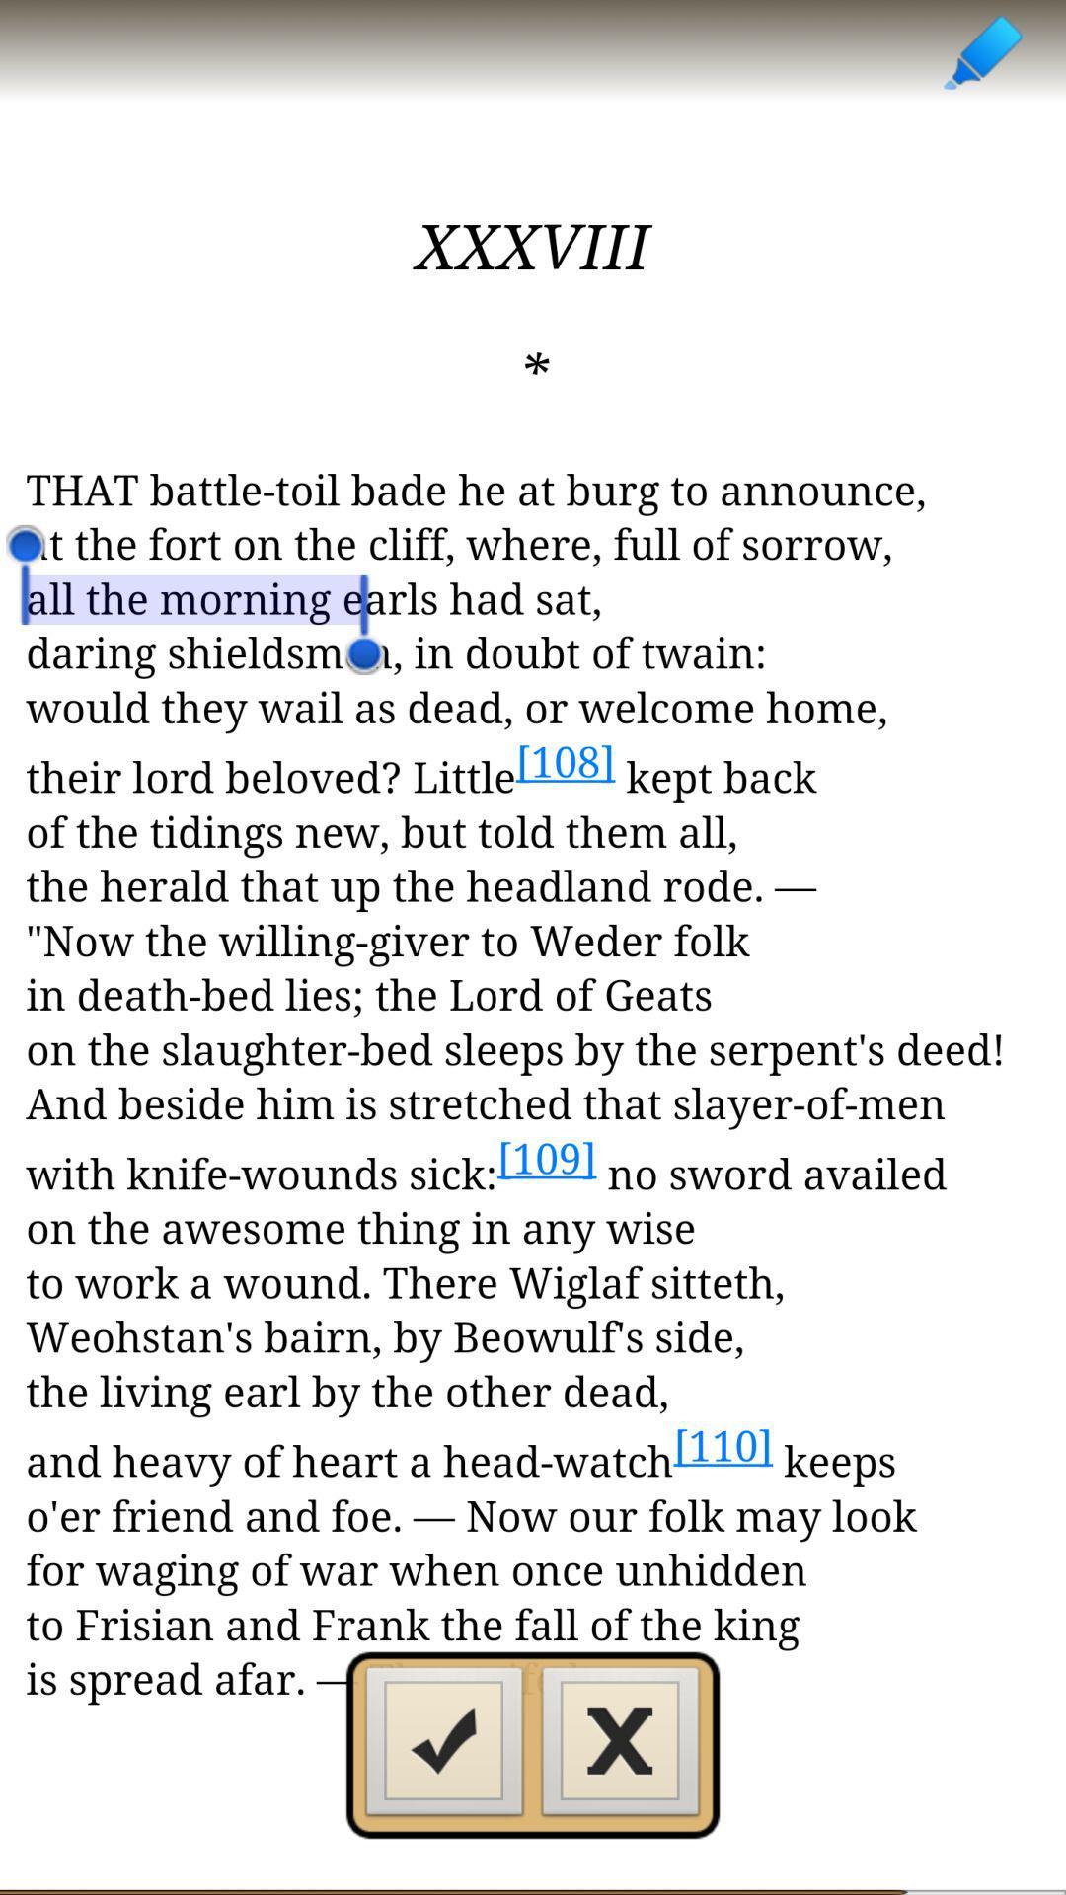 The height and width of the screenshot is (1895, 1066). What do you see at coordinates (981, 51) in the screenshot?
I see `edit` at bounding box center [981, 51].